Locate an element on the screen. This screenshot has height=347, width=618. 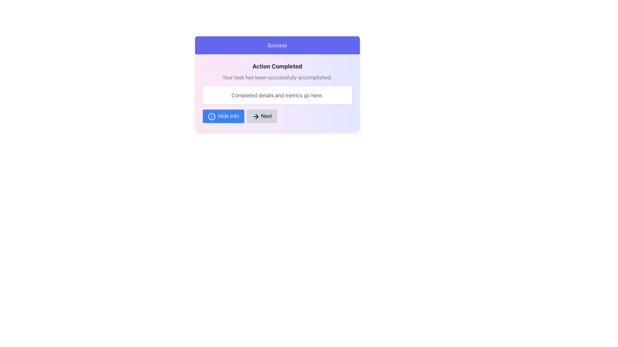
the arrowhead of the 'Next' button is located at coordinates (257, 116).